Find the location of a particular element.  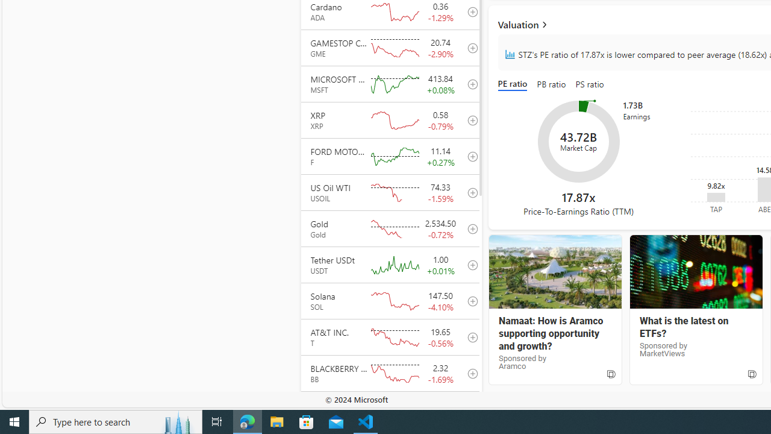

'Aramco' is located at coordinates (554, 272).